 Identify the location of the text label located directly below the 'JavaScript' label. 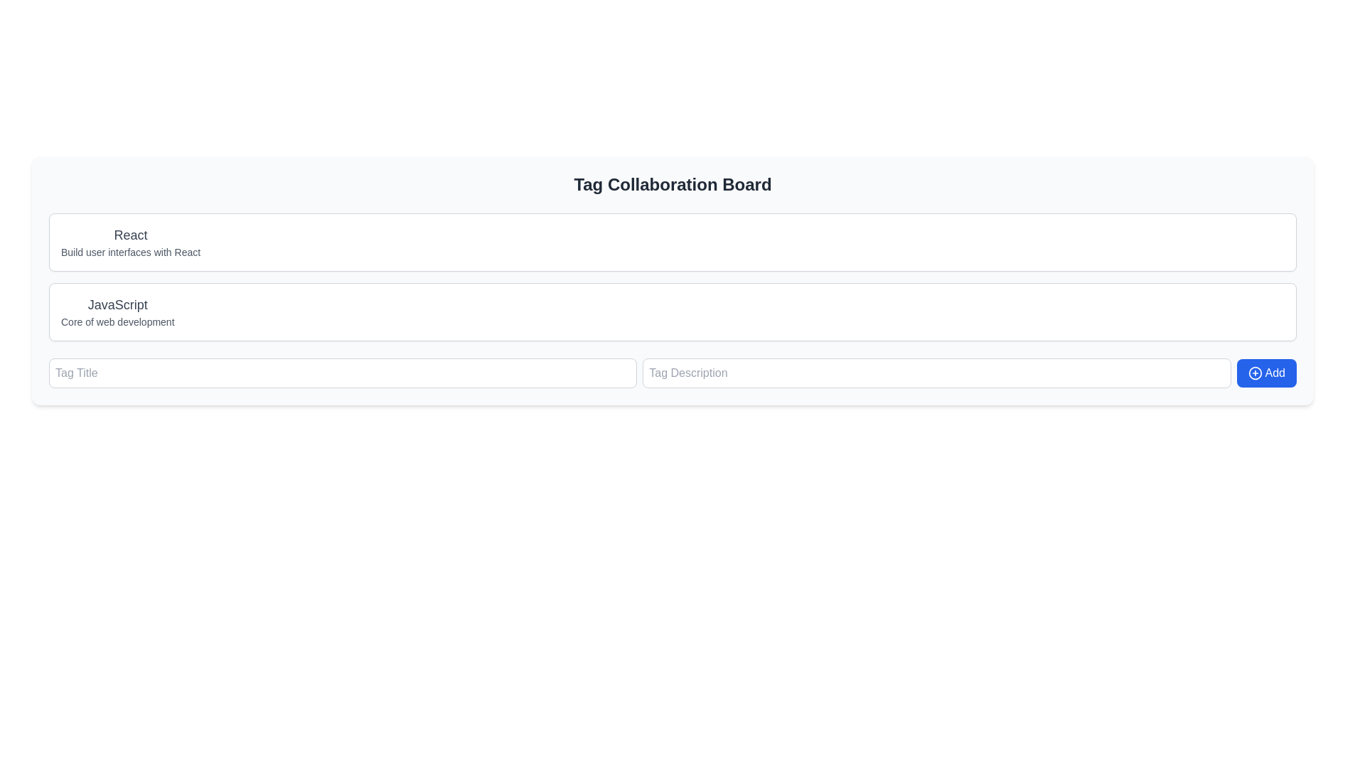
(117, 321).